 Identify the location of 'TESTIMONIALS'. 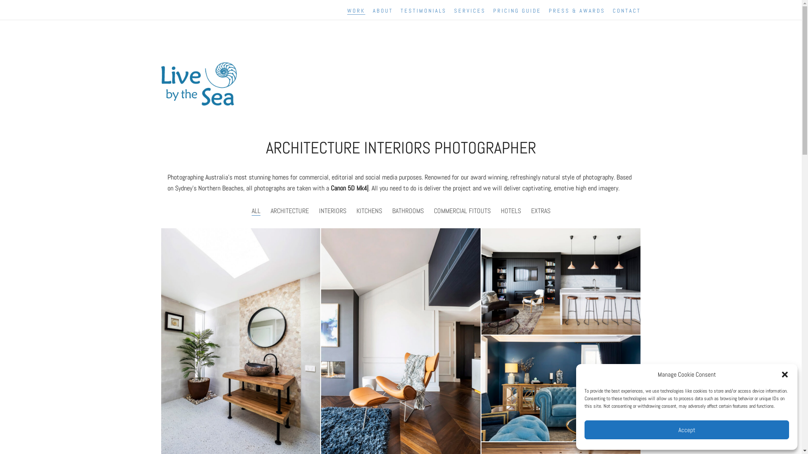
(423, 11).